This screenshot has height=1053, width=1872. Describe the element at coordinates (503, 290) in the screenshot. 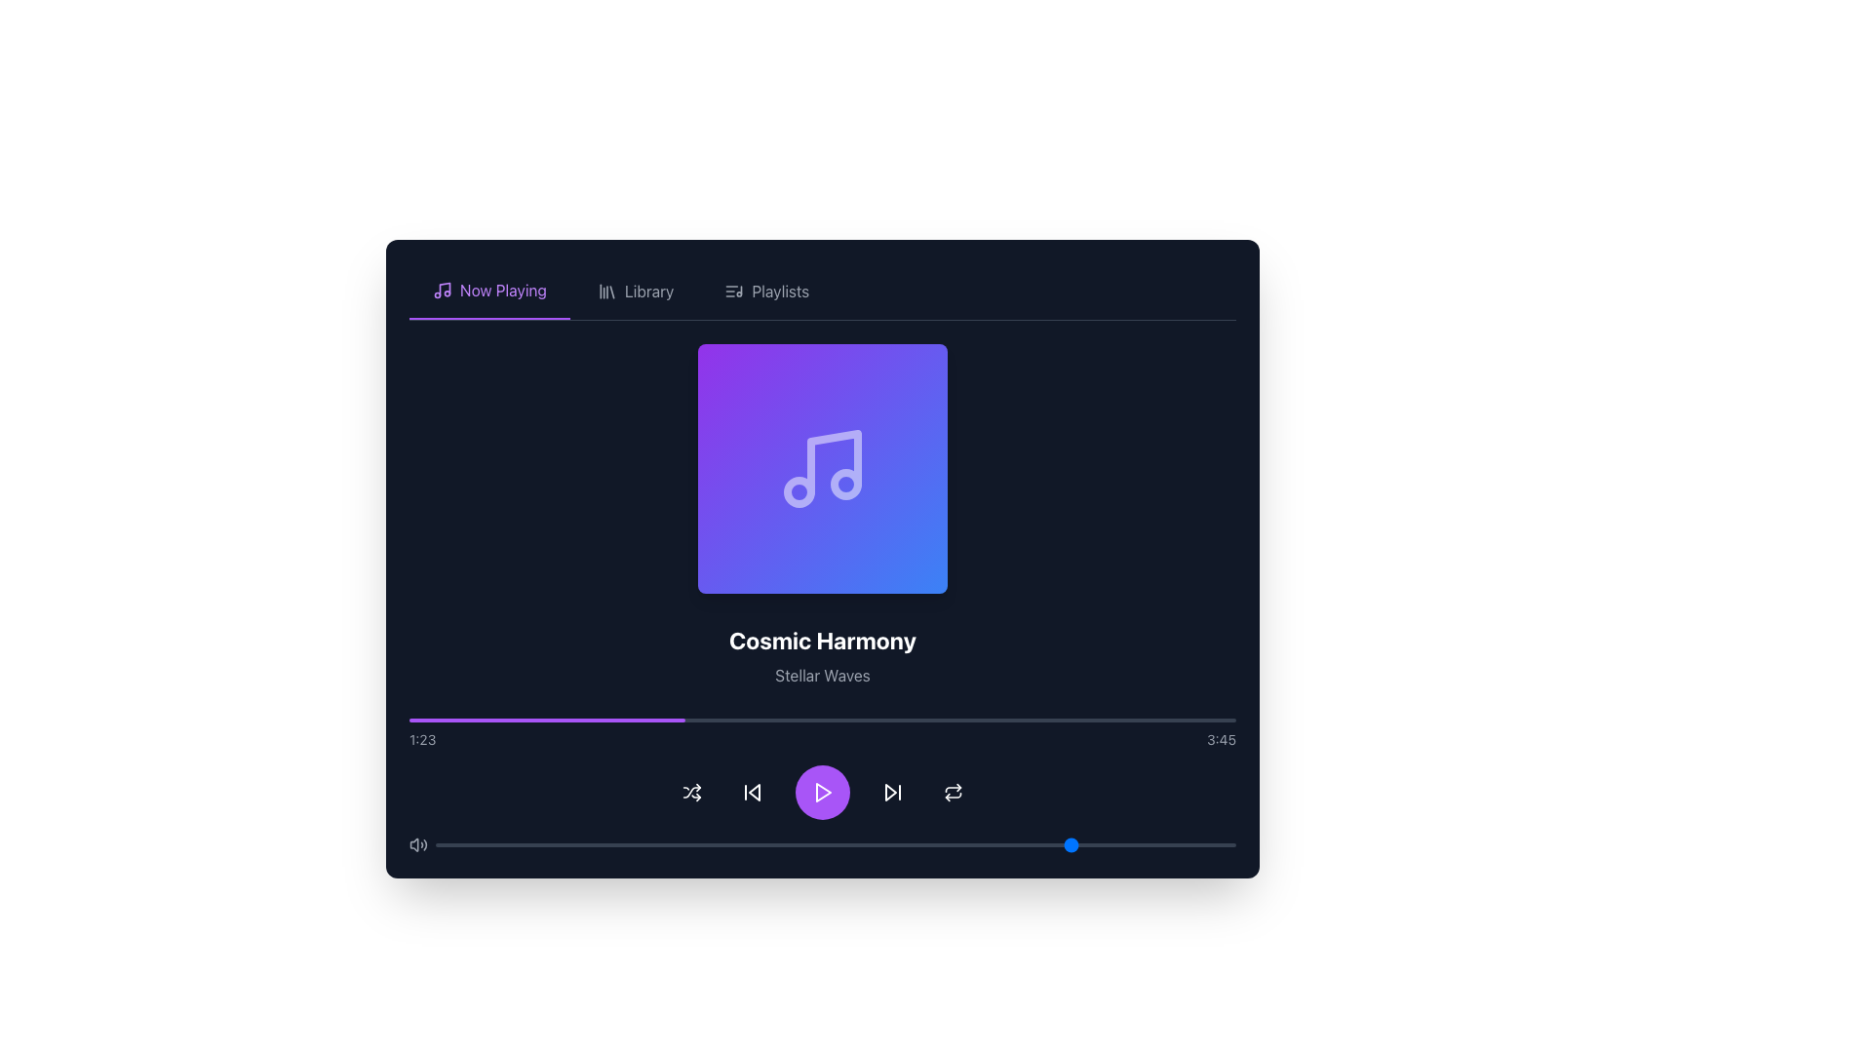

I see `the 'Now Playing' textual navigation item, which is styled in a prominent purple typeface and indicates an active state` at that location.